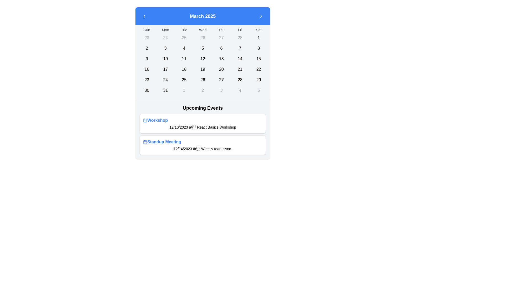  I want to click on the calendar day button representing March 3rd, located in the grid under the 'Mon' column, second row, so click(165, 48).